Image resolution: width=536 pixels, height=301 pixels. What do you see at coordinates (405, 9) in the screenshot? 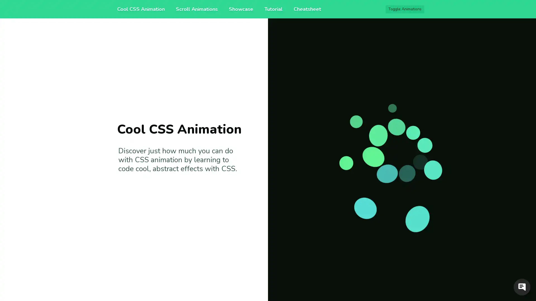
I see `Toggle Animations` at bounding box center [405, 9].